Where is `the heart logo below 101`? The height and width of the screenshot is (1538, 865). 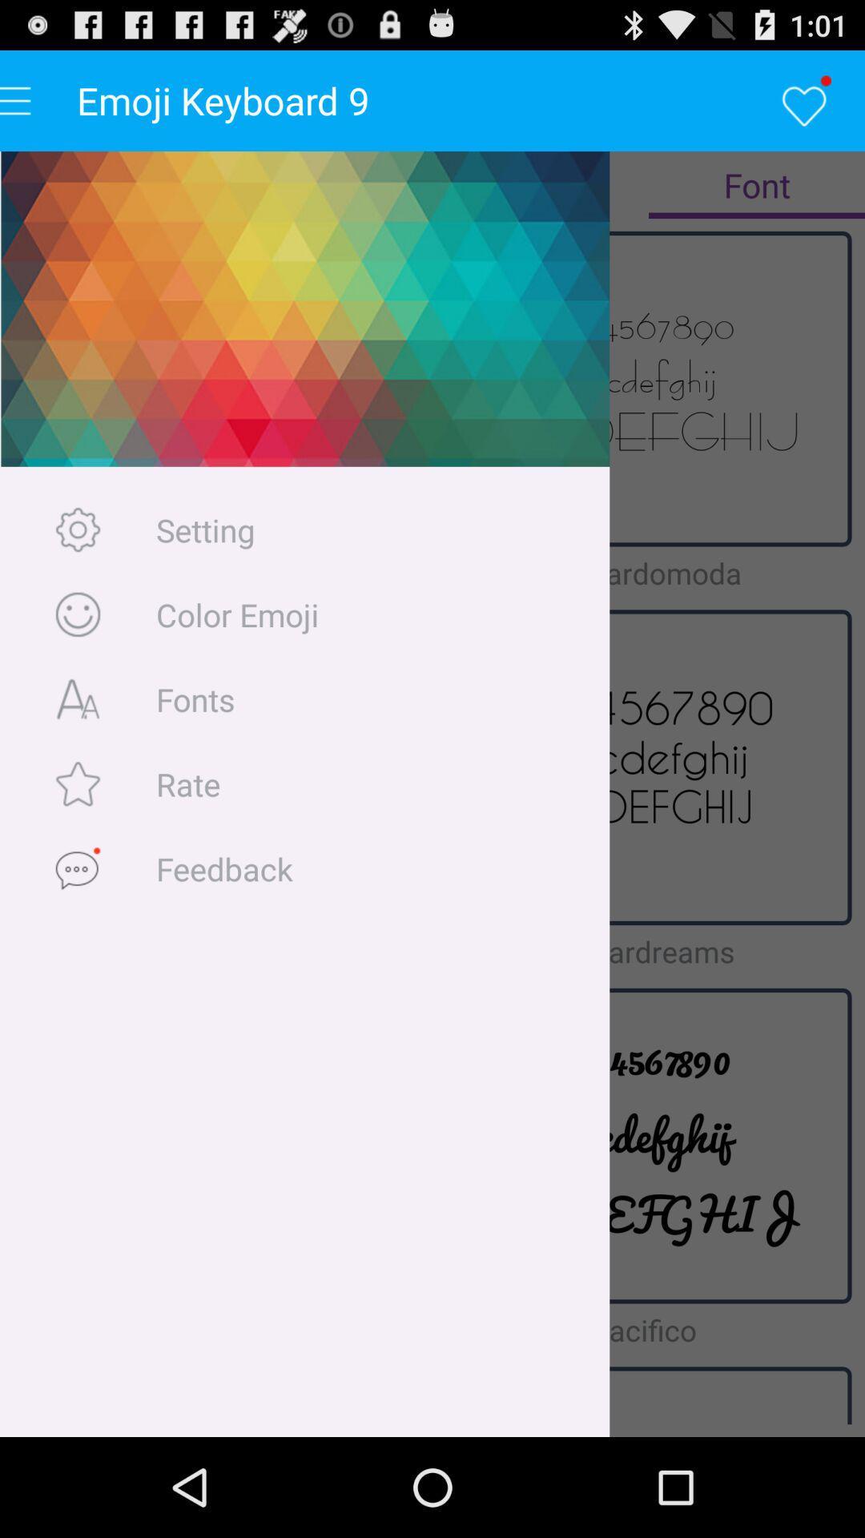
the heart logo below 101 is located at coordinates (806, 99).